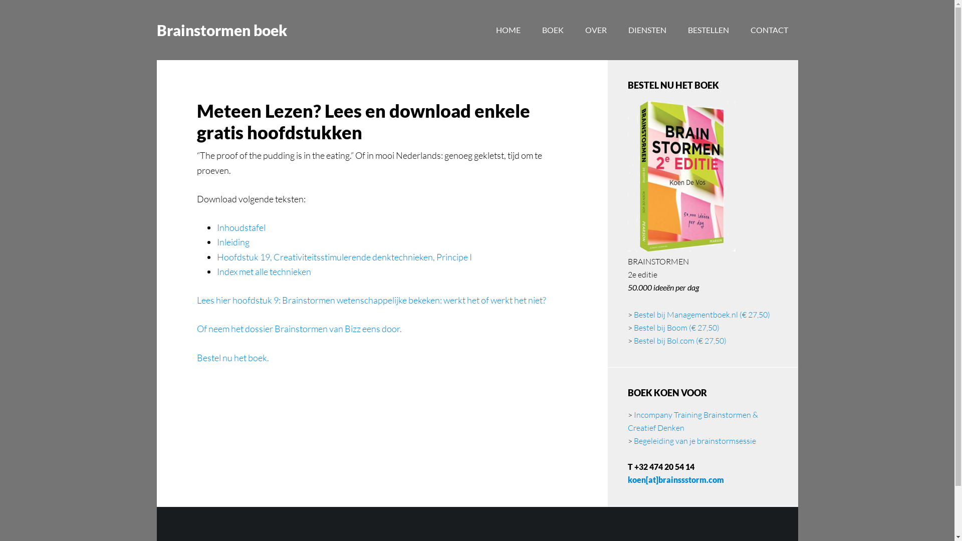  I want to click on 'CONTACT', so click(769, 30).